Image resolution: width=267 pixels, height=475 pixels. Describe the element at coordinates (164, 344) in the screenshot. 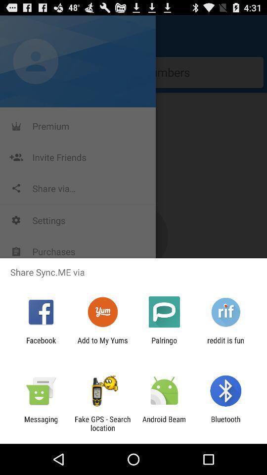

I see `item next to add to my item` at that location.